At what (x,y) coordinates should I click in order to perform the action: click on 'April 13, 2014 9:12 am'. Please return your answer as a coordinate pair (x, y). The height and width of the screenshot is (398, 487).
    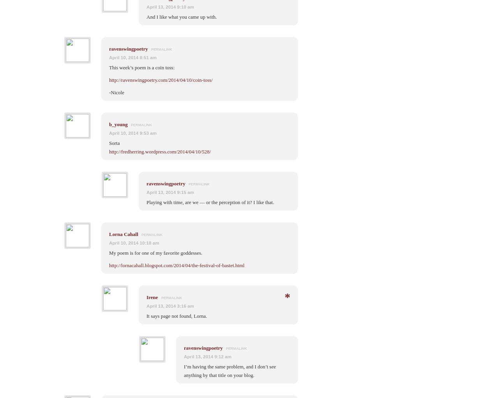
    Looking at the image, I should click on (208, 356).